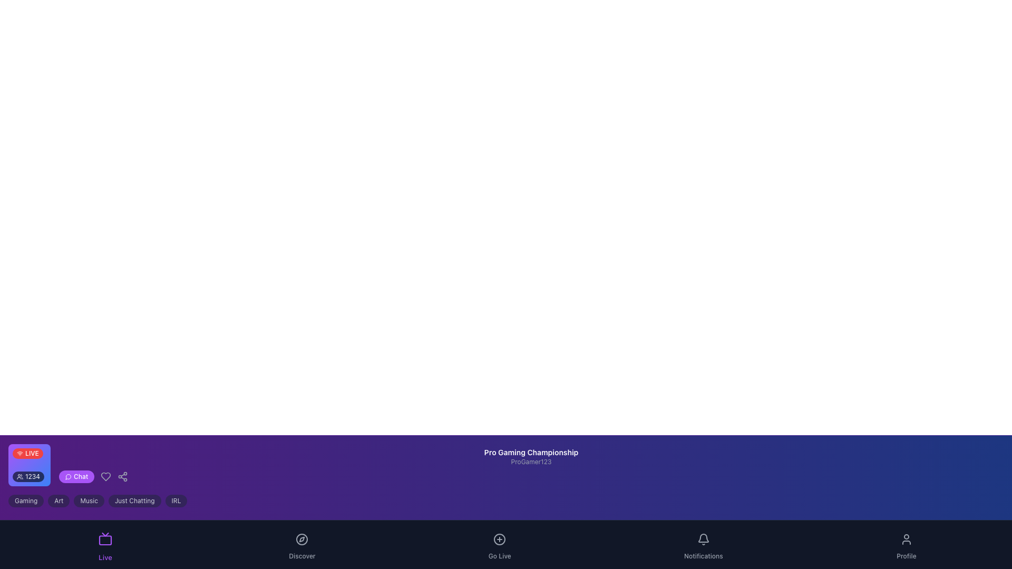 The width and height of the screenshot is (1012, 569). What do you see at coordinates (105, 544) in the screenshot?
I see `the icon button on the far left of the bottom navigation bar` at bounding box center [105, 544].